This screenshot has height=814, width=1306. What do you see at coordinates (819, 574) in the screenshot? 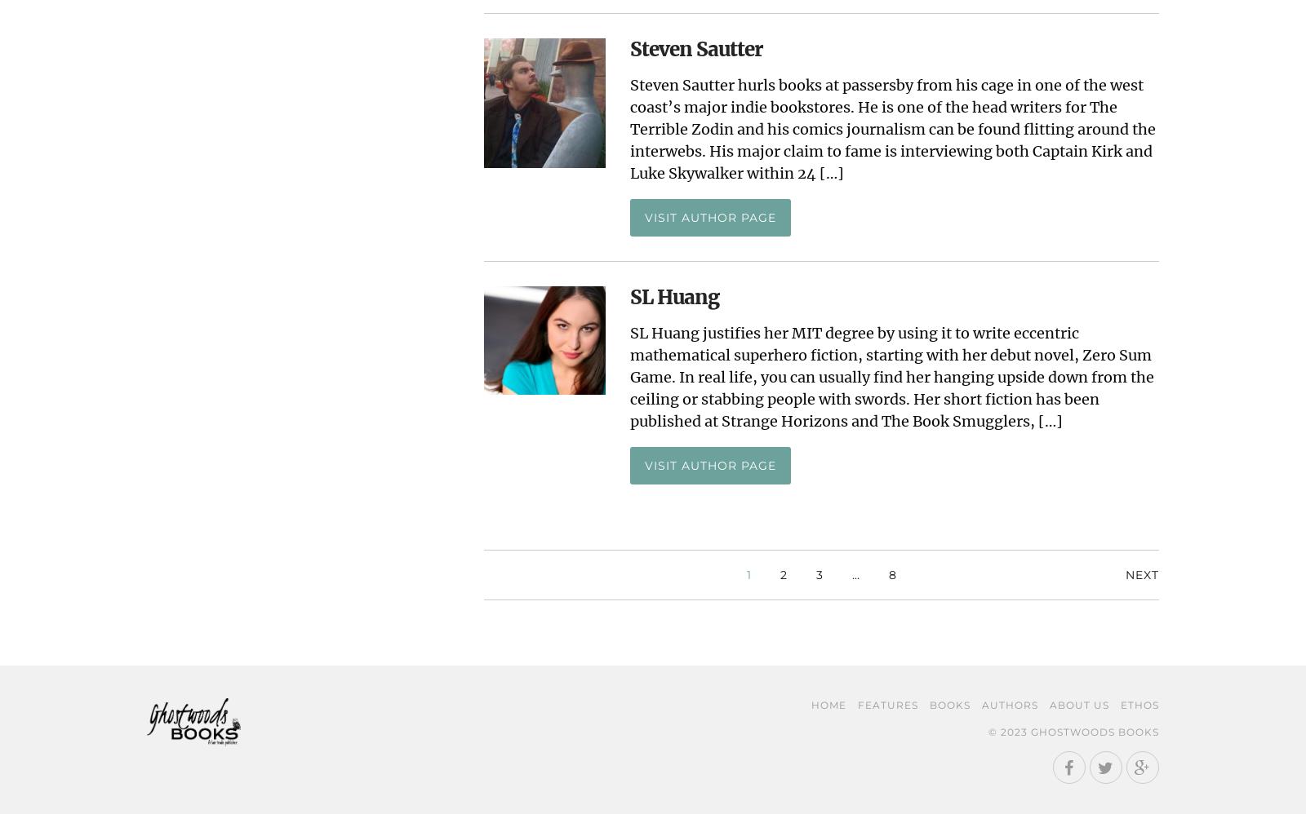
I see `'3'` at bounding box center [819, 574].